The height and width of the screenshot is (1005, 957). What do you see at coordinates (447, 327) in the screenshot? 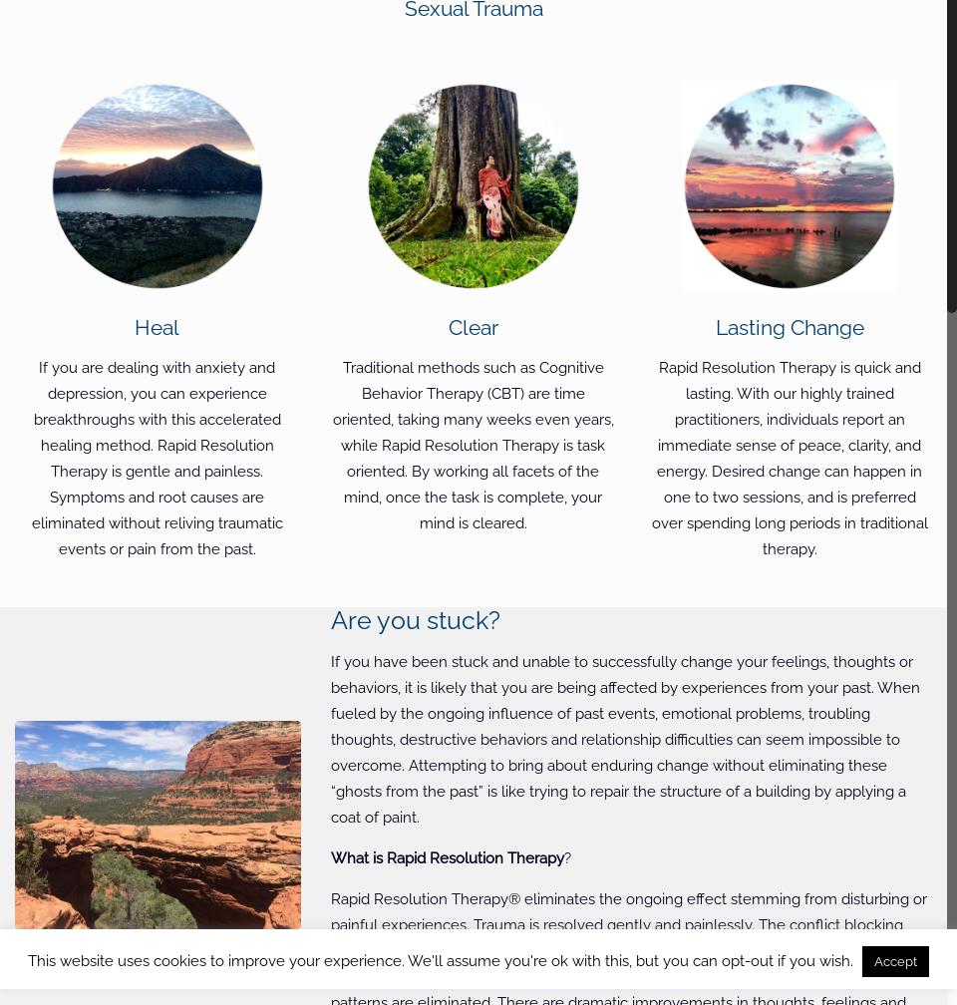
I see `'Clear'` at bounding box center [447, 327].